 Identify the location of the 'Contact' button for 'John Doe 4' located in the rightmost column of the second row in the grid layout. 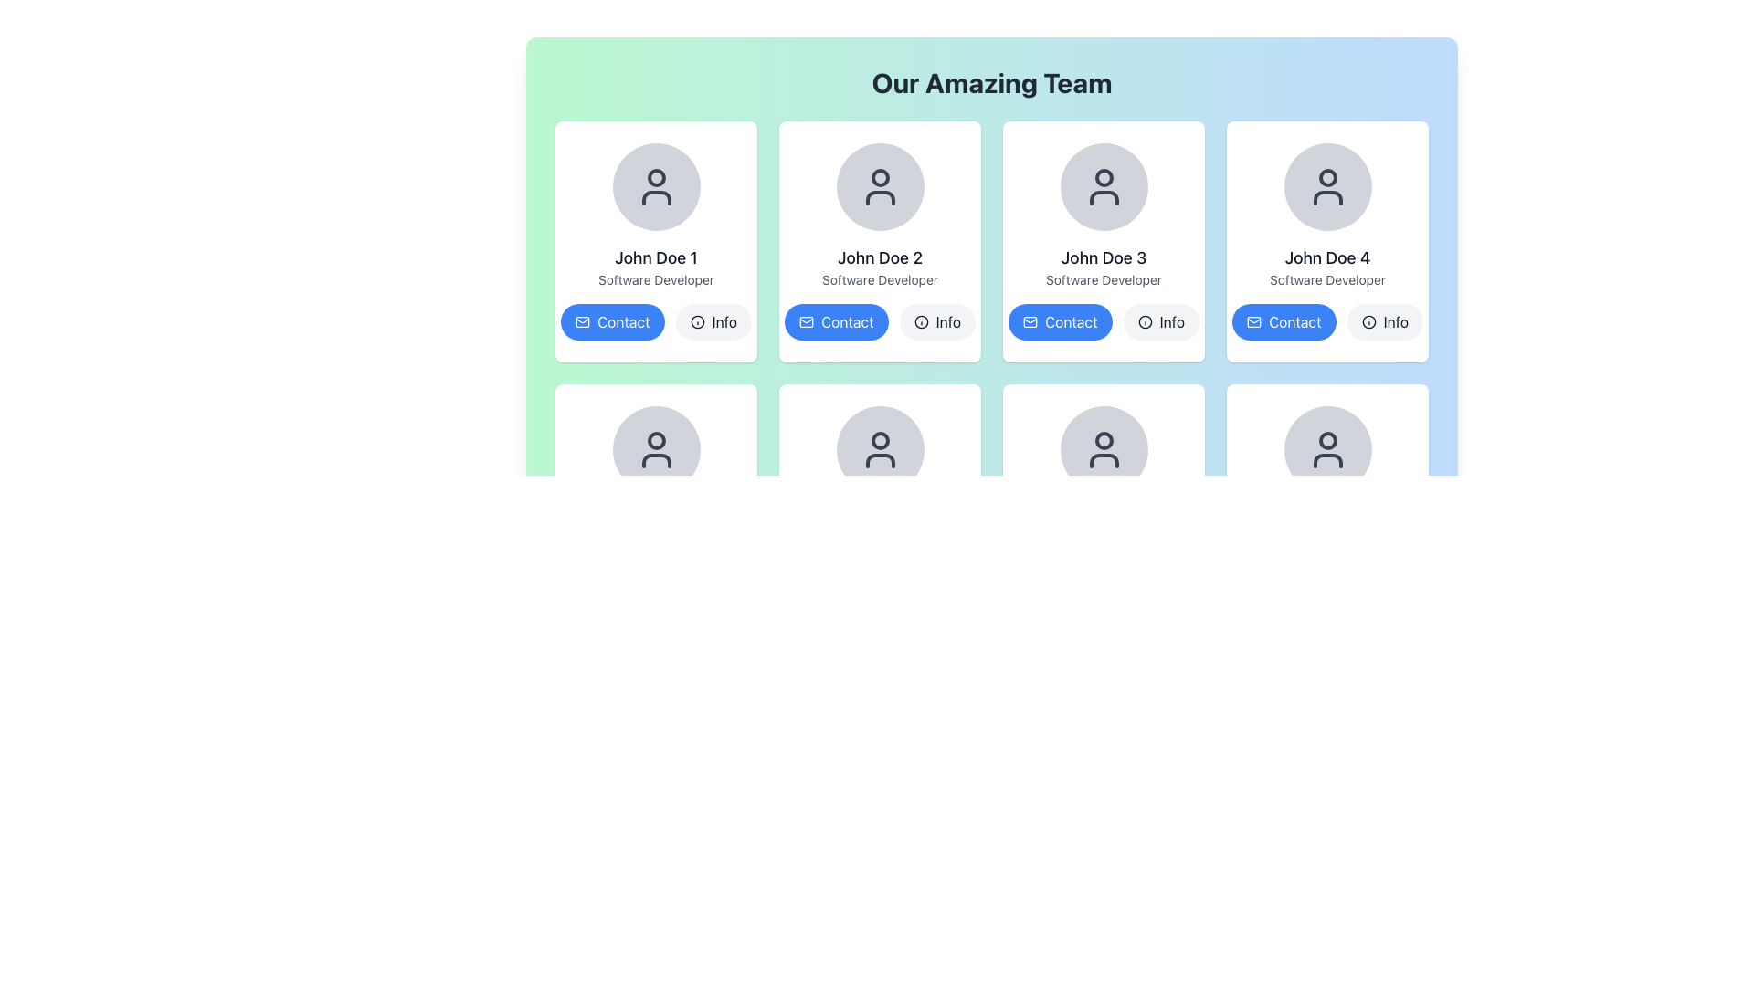
(1294, 321).